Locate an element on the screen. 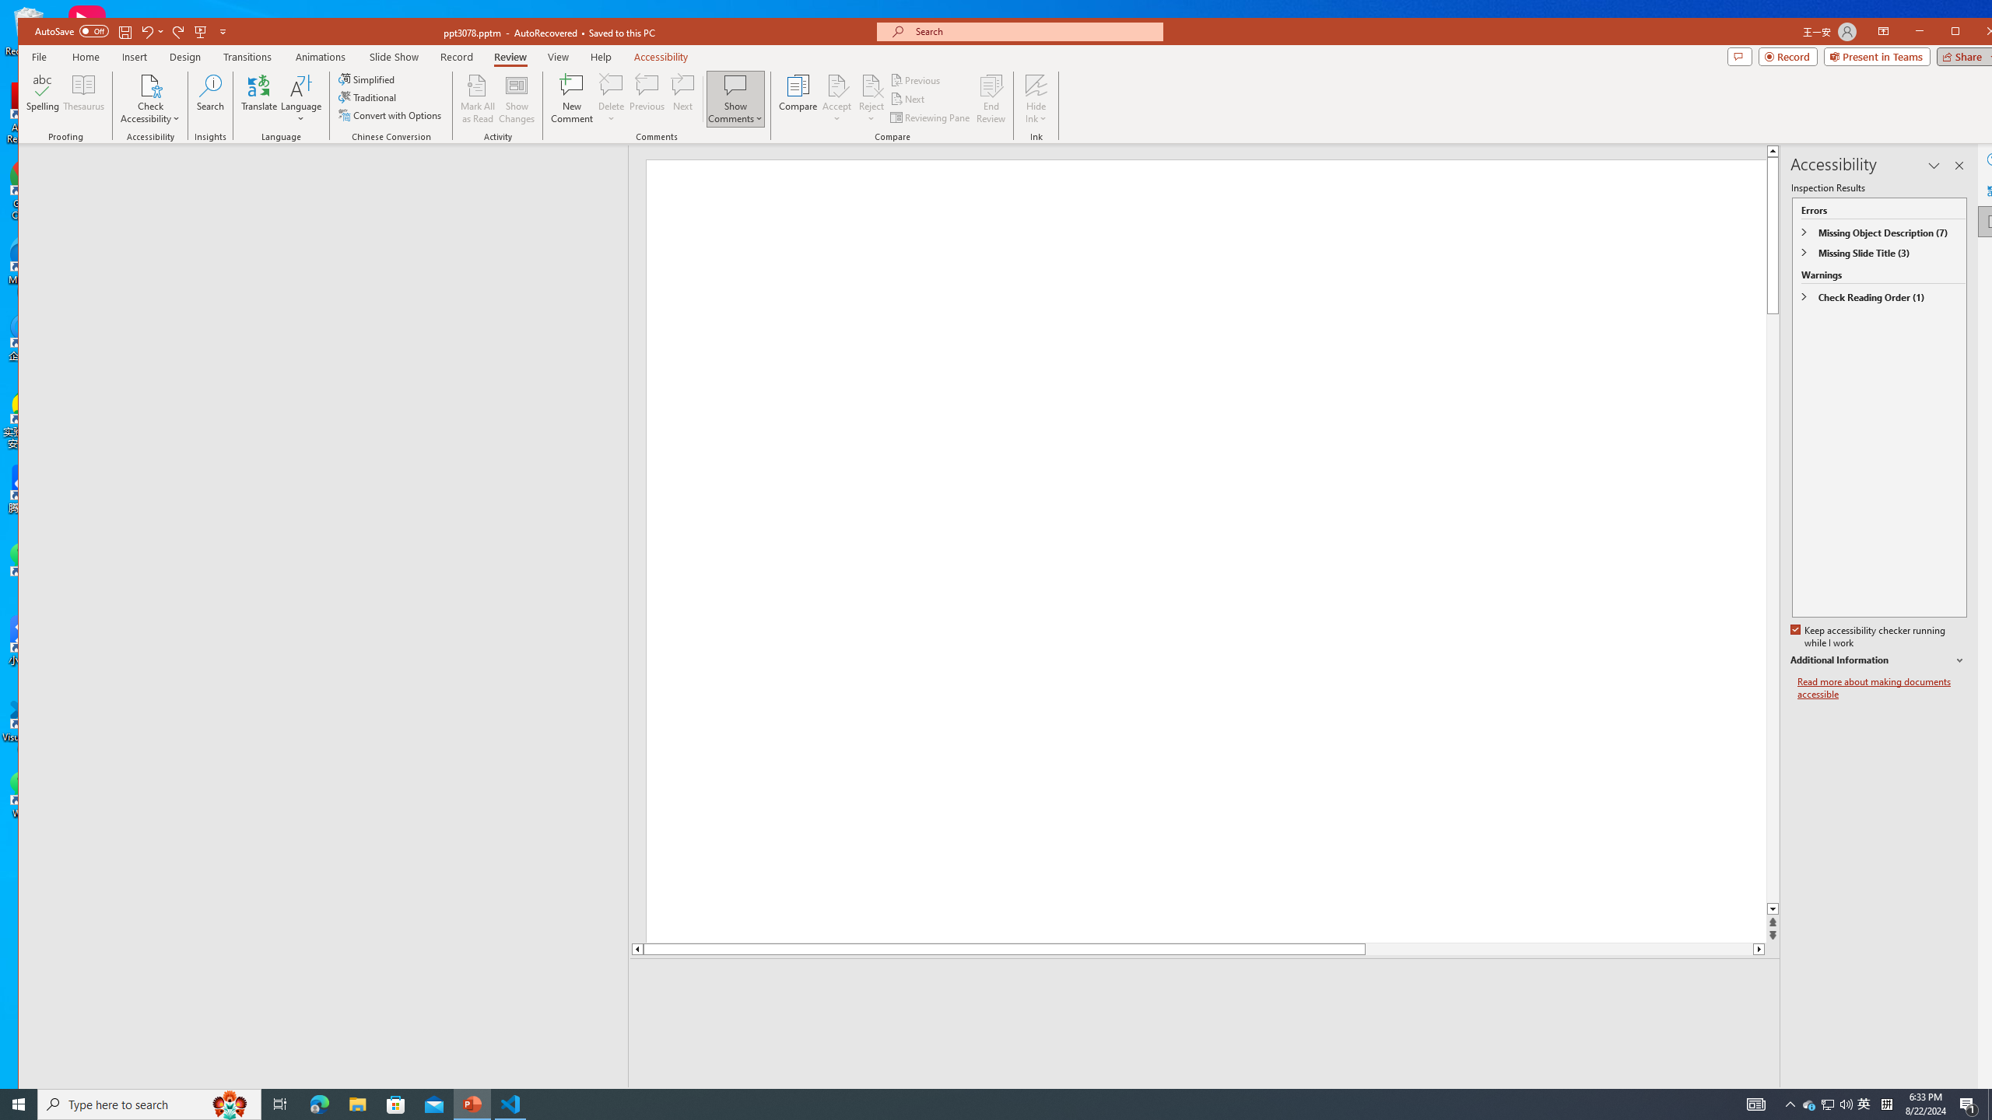 The height and width of the screenshot is (1120, 1992). 'Traditional' is located at coordinates (368, 97).